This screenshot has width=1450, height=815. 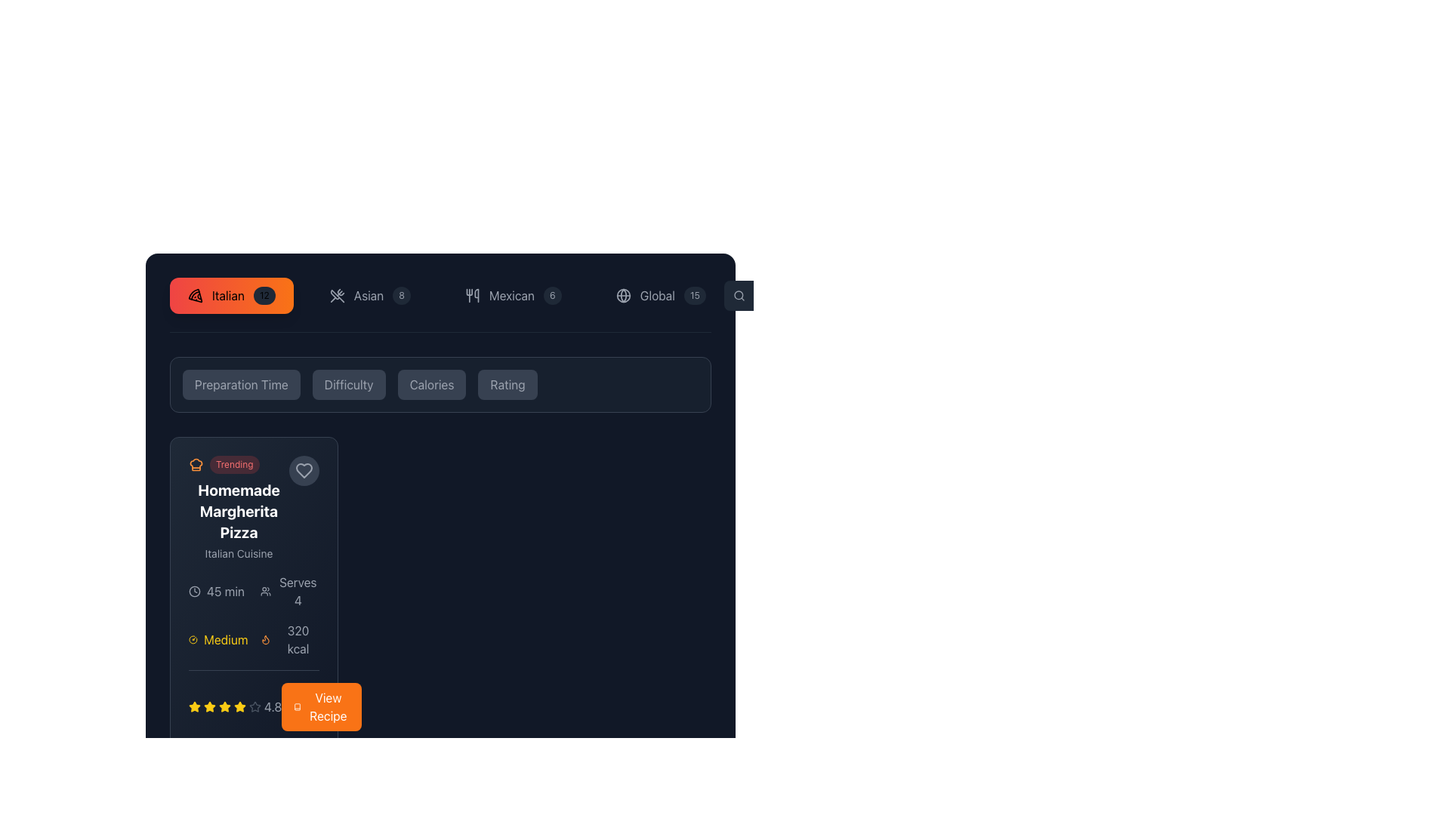 I want to click on the small, rounded badge with a dark gray background and white text reading '12', which is situated to the right of the 'Italian' text within a rounded rectangular button, so click(x=264, y=296).